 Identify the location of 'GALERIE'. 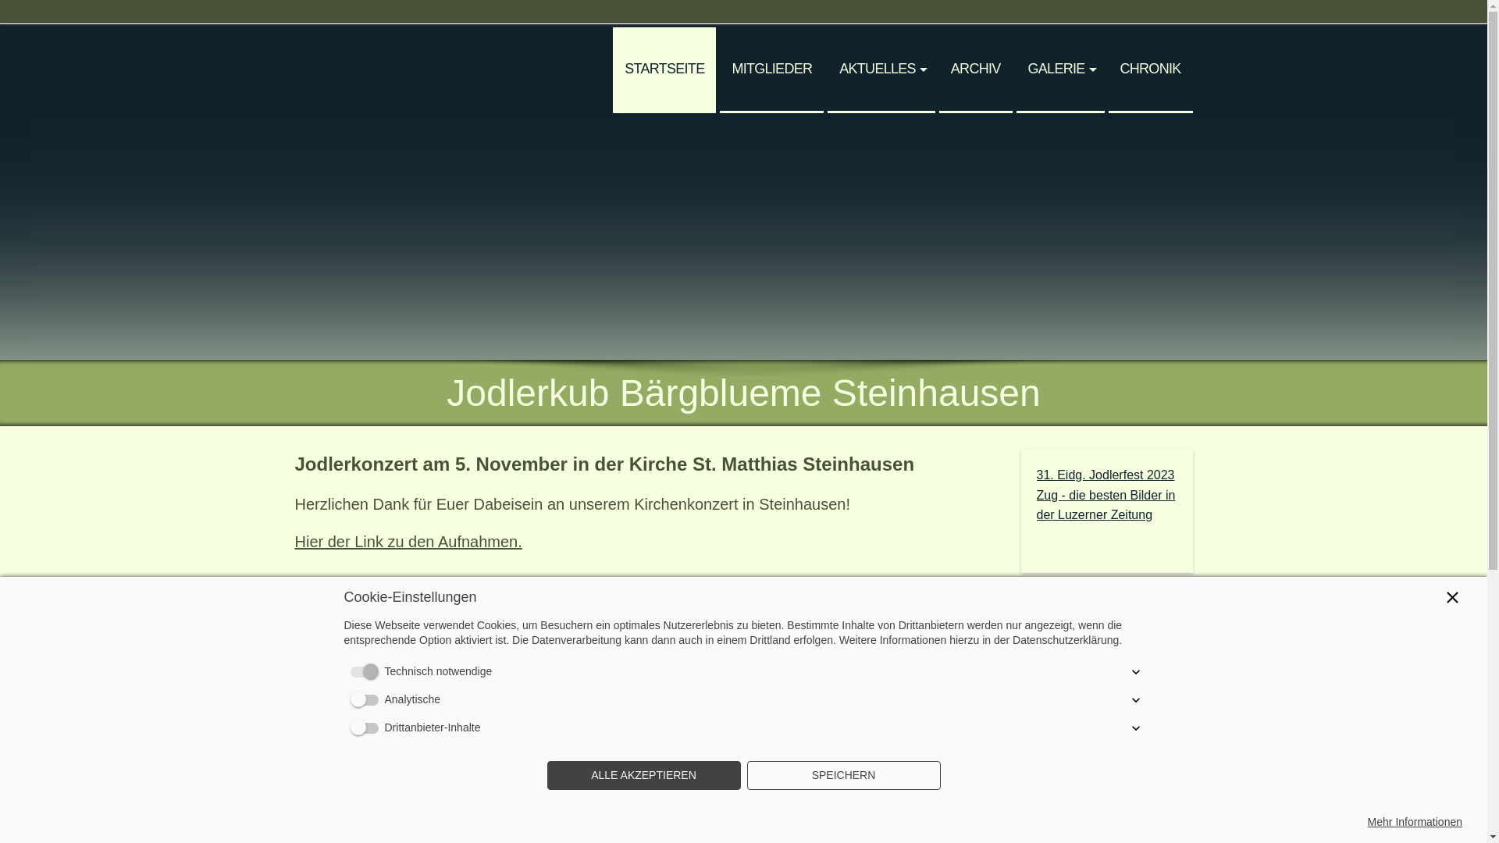
(1060, 69).